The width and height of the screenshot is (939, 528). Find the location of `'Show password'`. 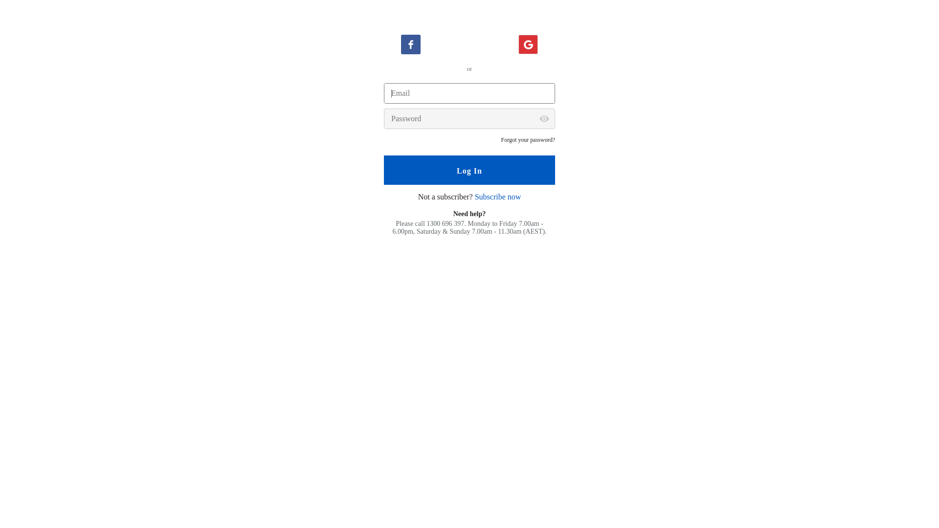

'Show password' is located at coordinates (544, 118).